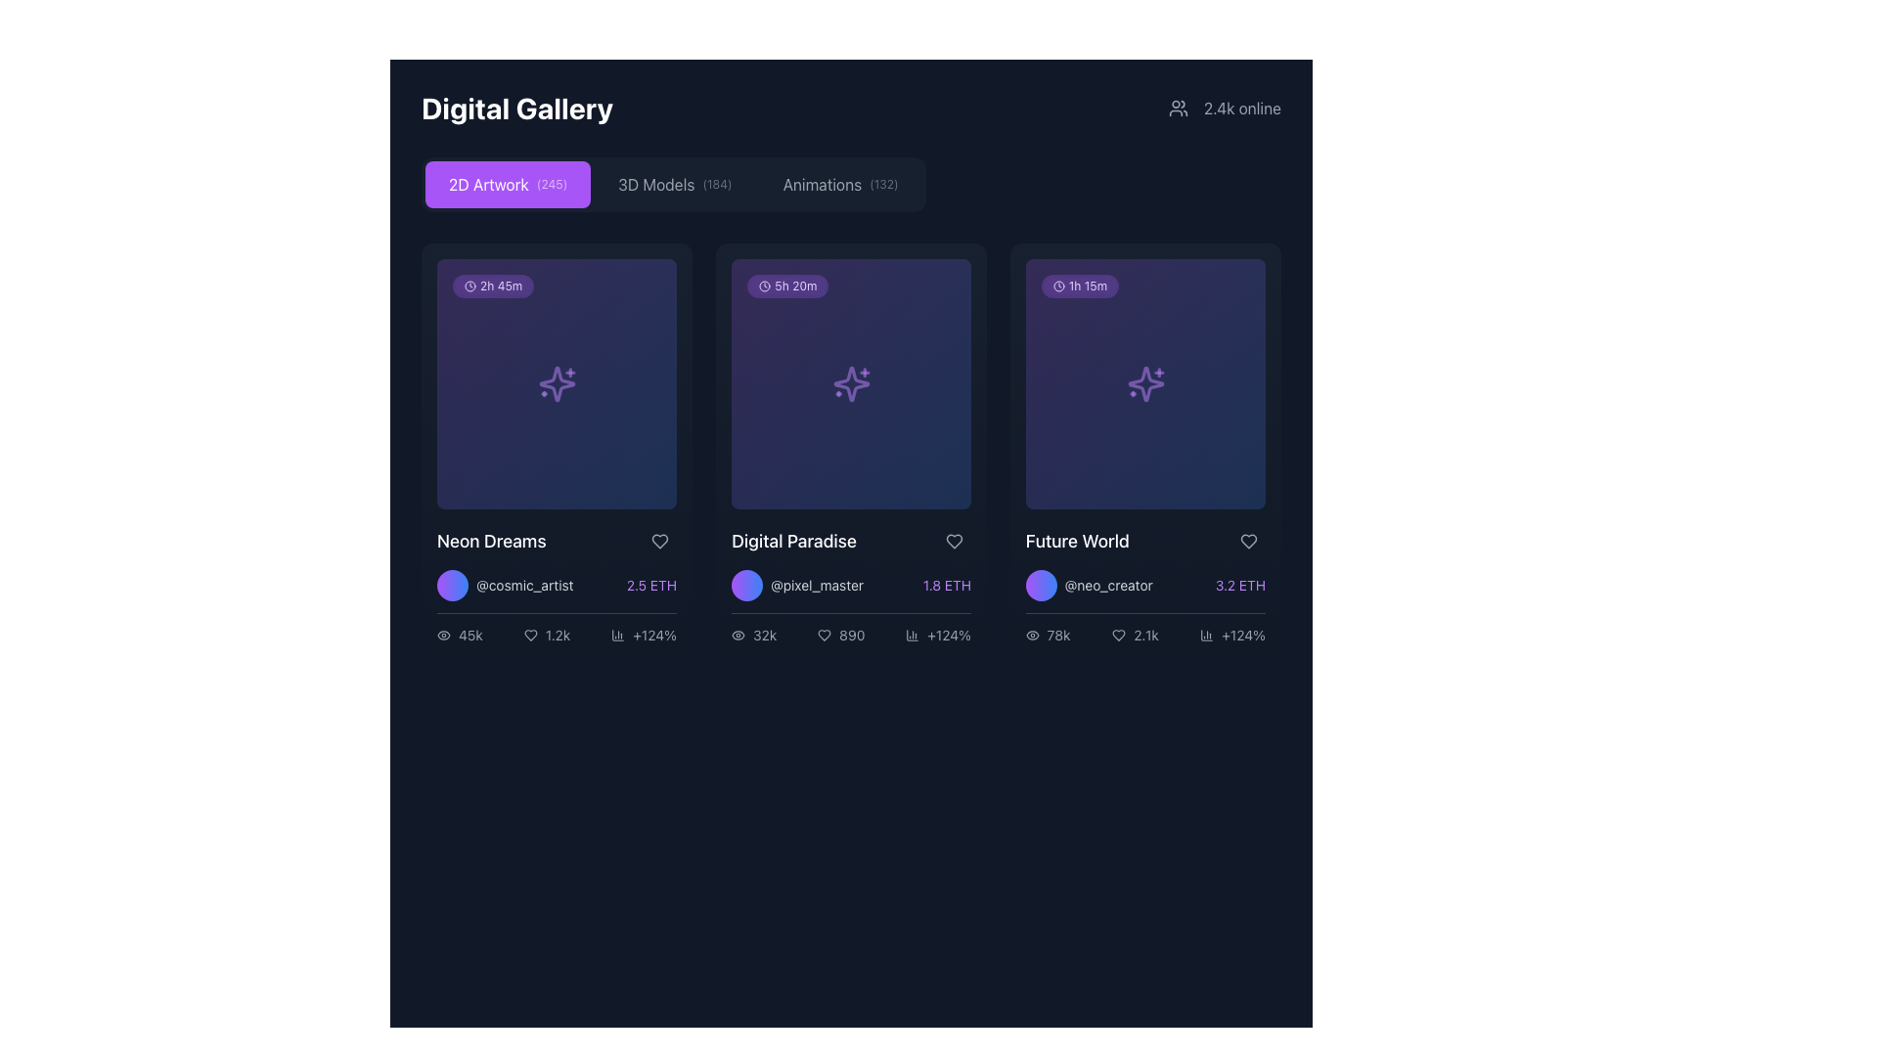 The width and height of the screenshot is (1878, 1056). I want to click on the third Interactive Card, so click(1145, 452).